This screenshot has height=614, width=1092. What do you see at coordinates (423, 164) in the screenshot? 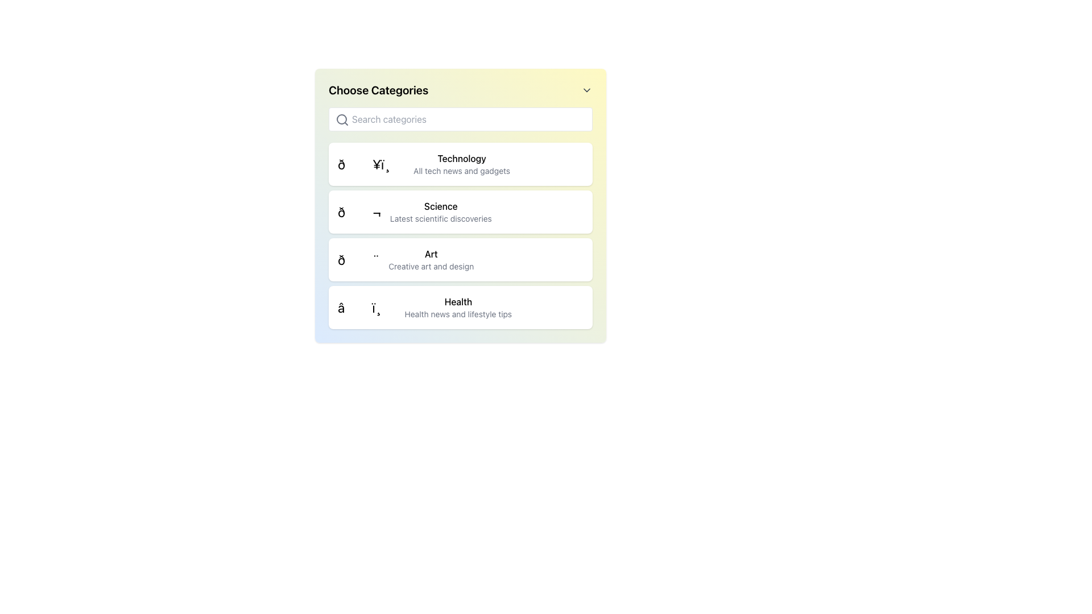
I see `the 'Technology All tech news and gadgets' category label` at bounding box center [423, 164].